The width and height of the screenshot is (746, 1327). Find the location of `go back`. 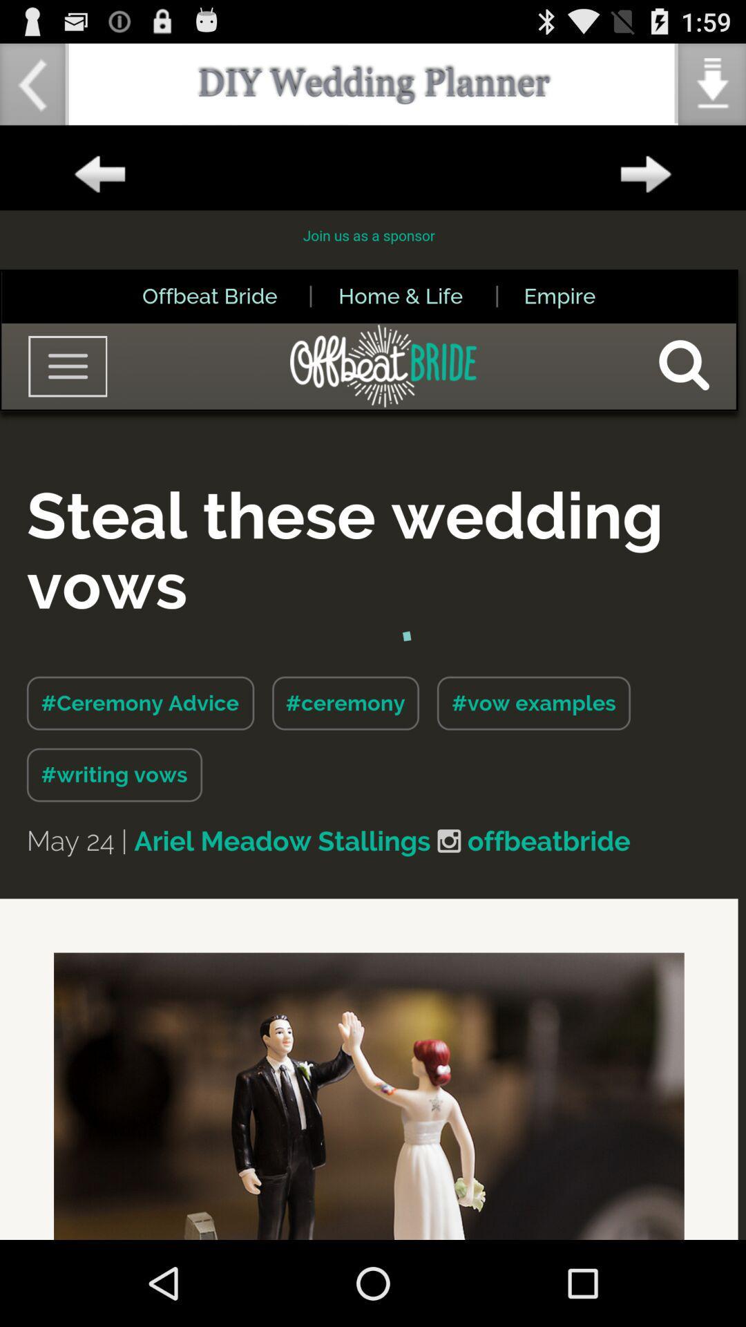

go back is located at coordinates (99, 174).